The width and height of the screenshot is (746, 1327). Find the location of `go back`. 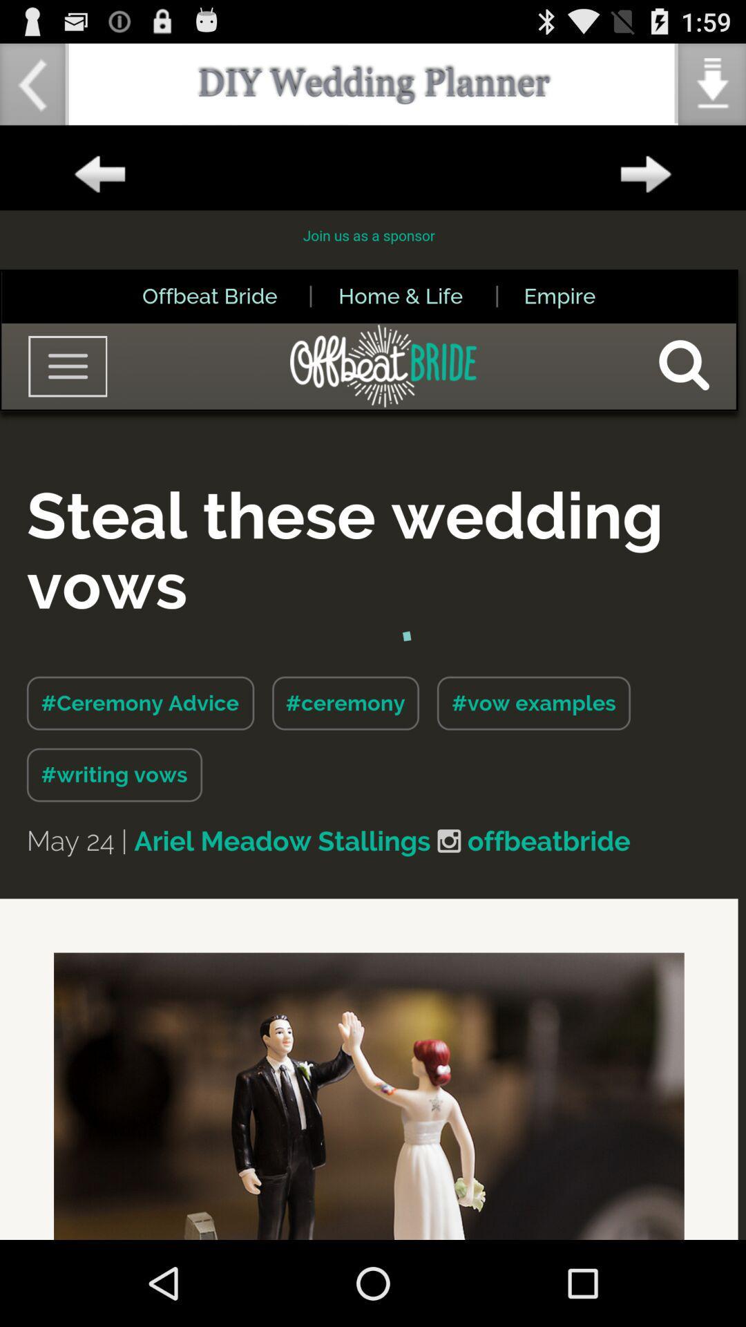

go back is located at coordinates (99, 174).